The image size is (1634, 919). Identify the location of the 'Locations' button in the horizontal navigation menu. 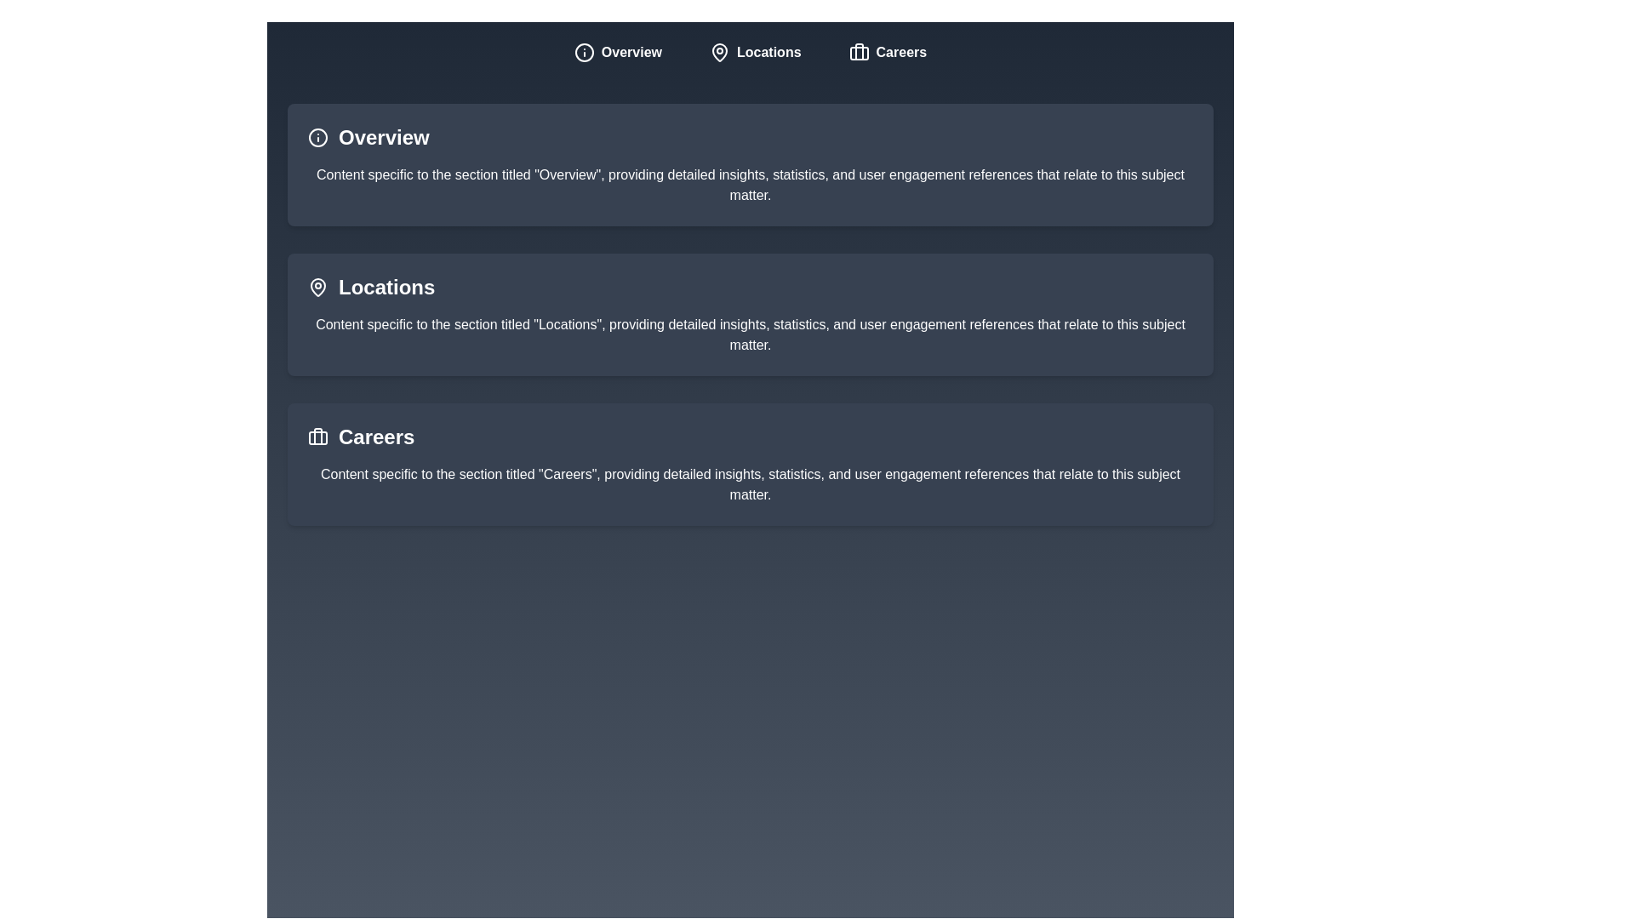
(754, 51).